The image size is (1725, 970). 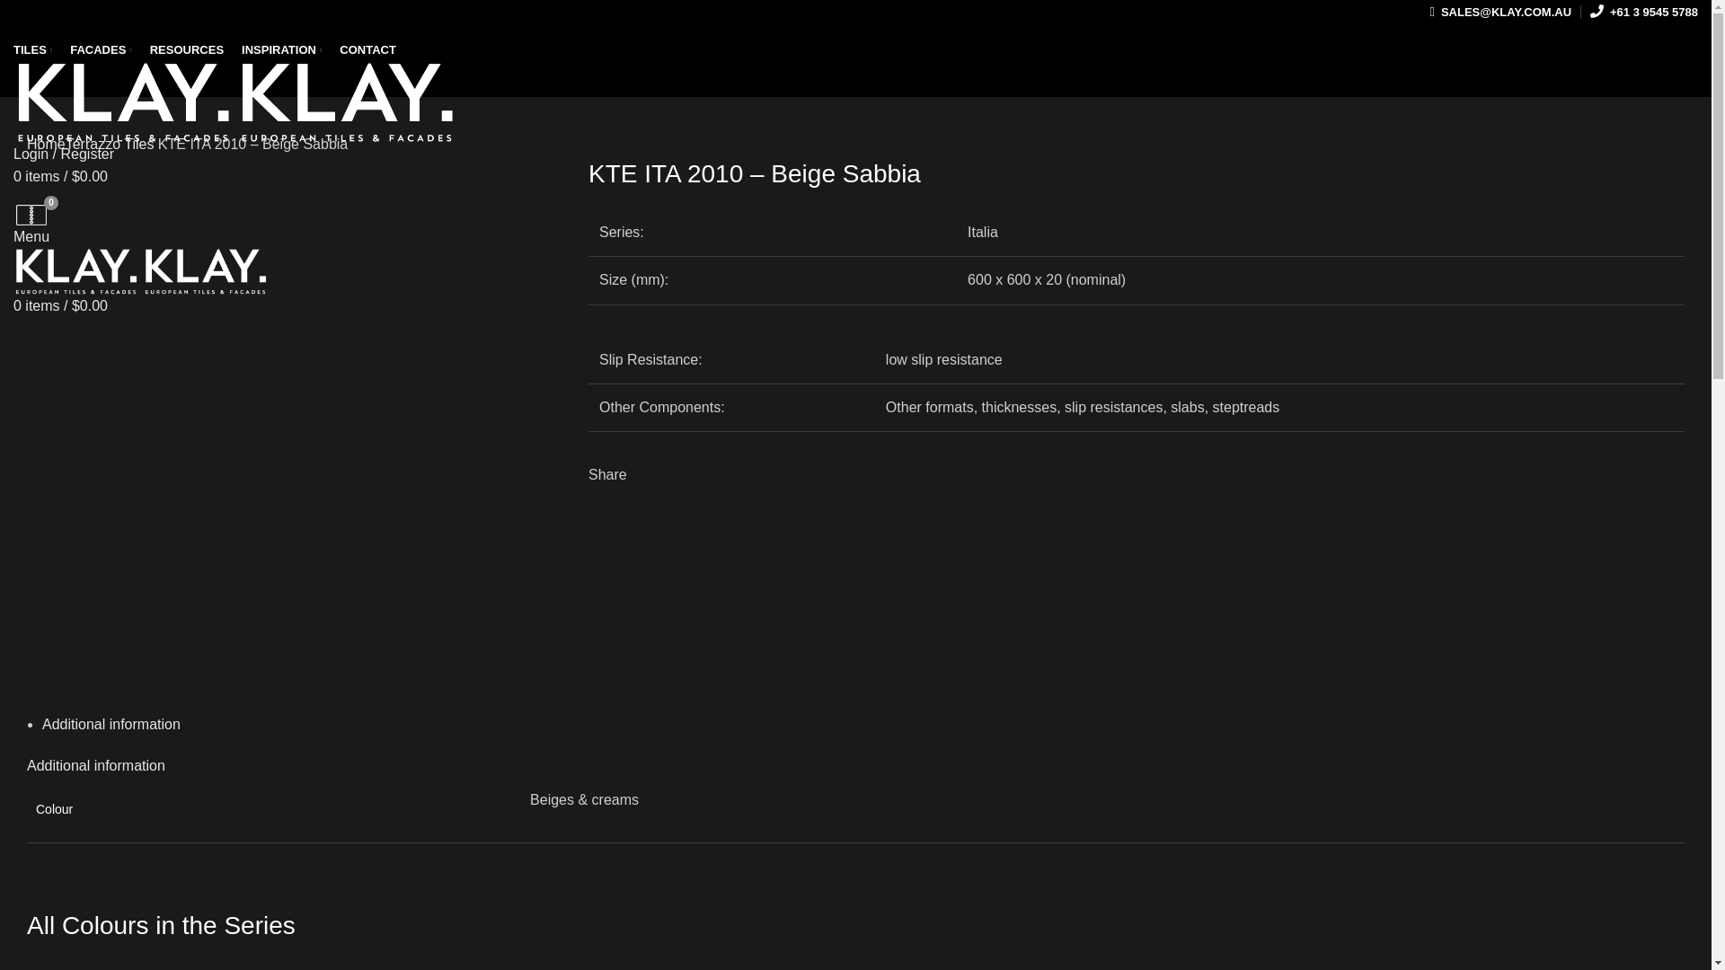 I want to click on 'Additional information', so click(x=94, y=765).